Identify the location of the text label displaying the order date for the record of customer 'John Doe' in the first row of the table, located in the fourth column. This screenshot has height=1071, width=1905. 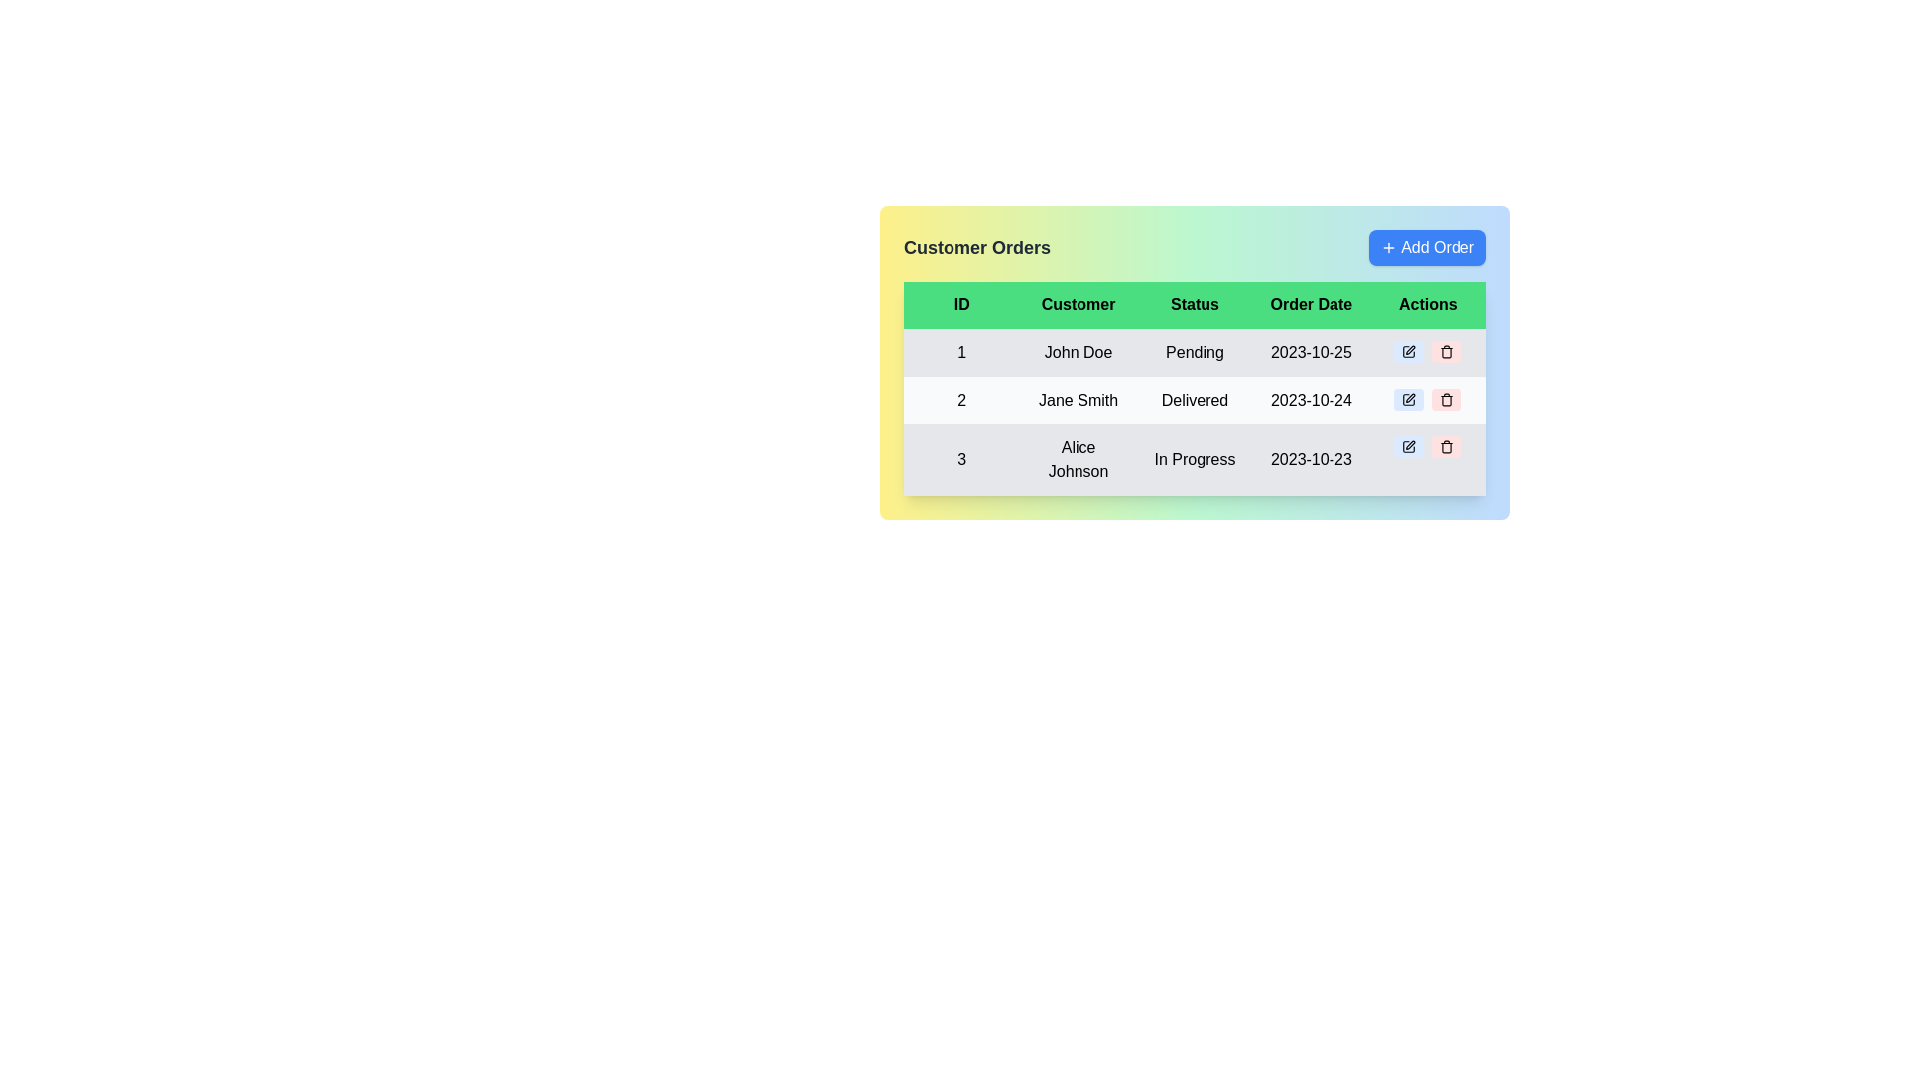
(1311, 351).